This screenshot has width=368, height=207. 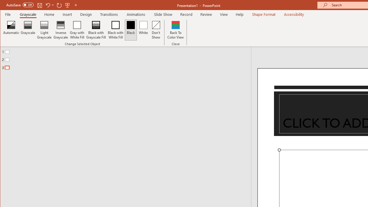 I want to click on 'Black with Grayscale Fill', so click(x=96, y=30).